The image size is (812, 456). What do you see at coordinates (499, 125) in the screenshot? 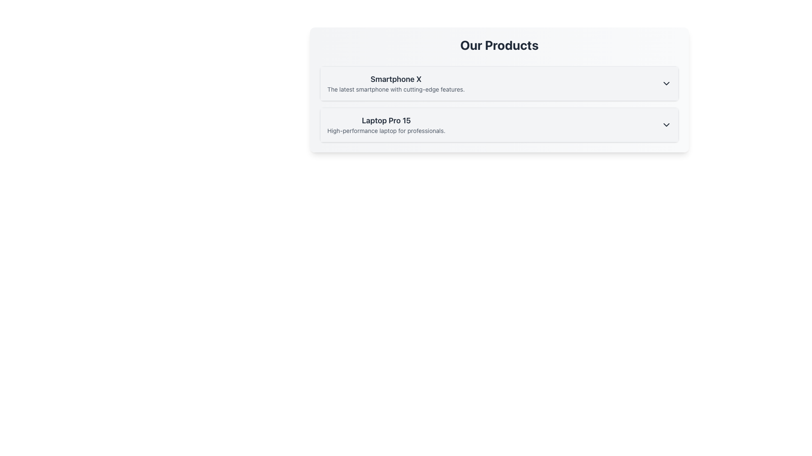
I see `the Clickable List Item with the title 'Laptop Pro 15' and description 'High-performance laptop for professionals.'` at bounding box center [499, 125].